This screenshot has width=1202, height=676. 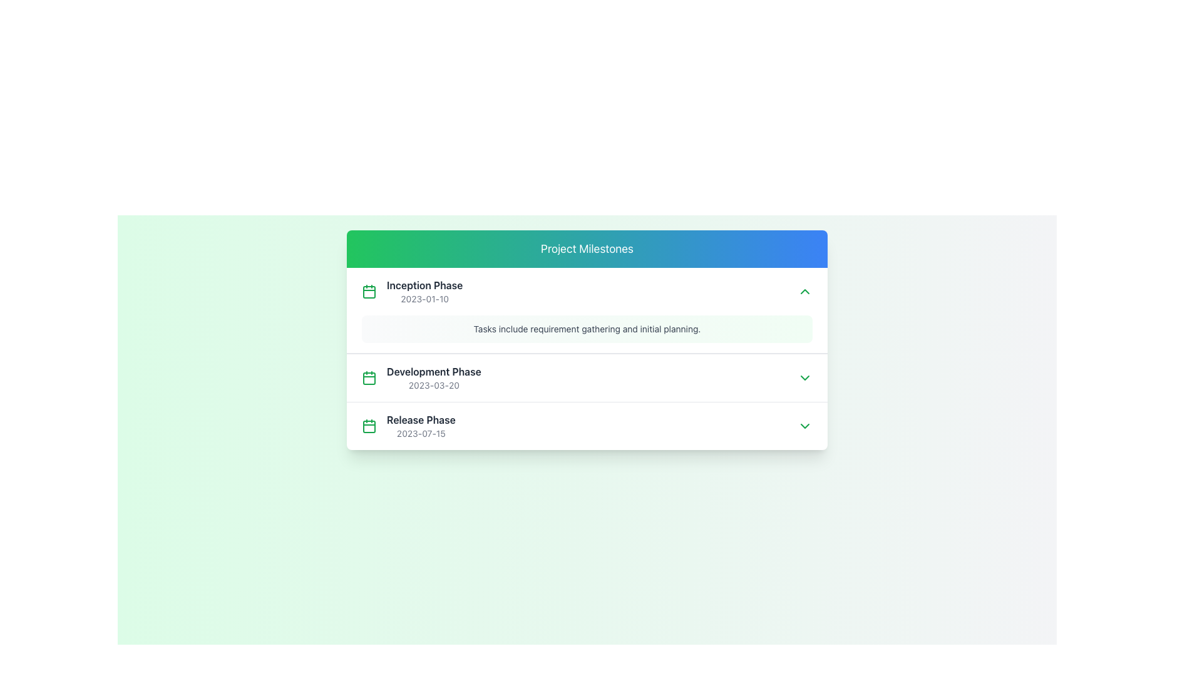 What do you see at coordinates (421, 426) in the screenshot?
I see `the 'Release Phase' text label element located in the bottom section of the milestones card to possibly expand or select the milestone` at bounding box center [421, 426].